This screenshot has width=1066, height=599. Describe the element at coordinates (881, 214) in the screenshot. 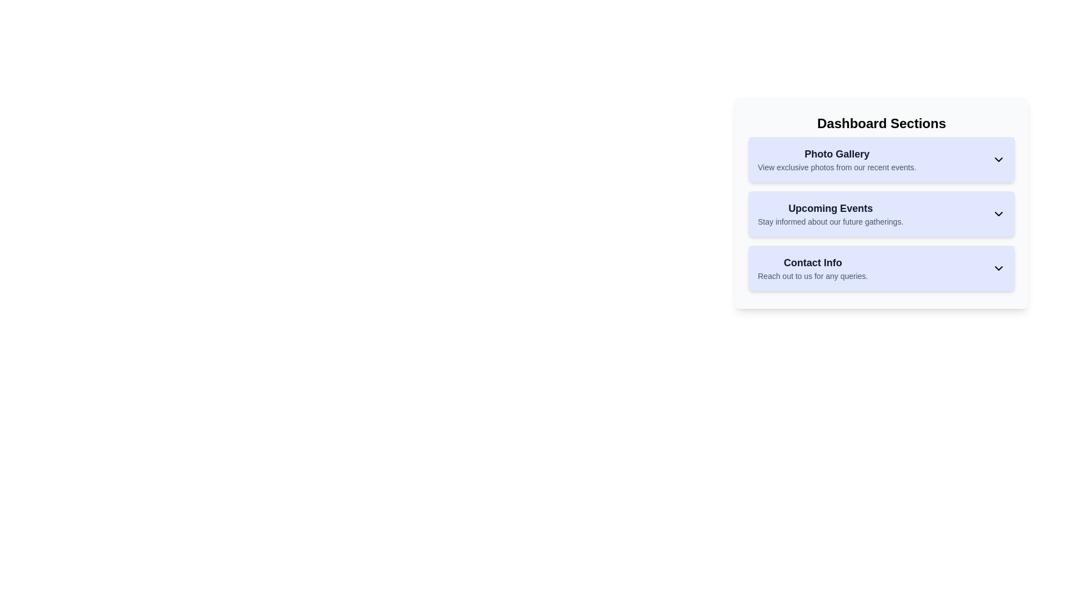

I see `the 'Upcoming Events' card` at that location.